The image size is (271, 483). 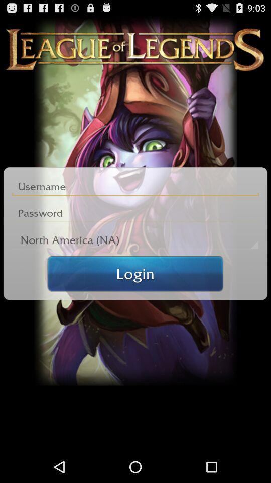 I want to click on input username field, so click(x=135, y=186).